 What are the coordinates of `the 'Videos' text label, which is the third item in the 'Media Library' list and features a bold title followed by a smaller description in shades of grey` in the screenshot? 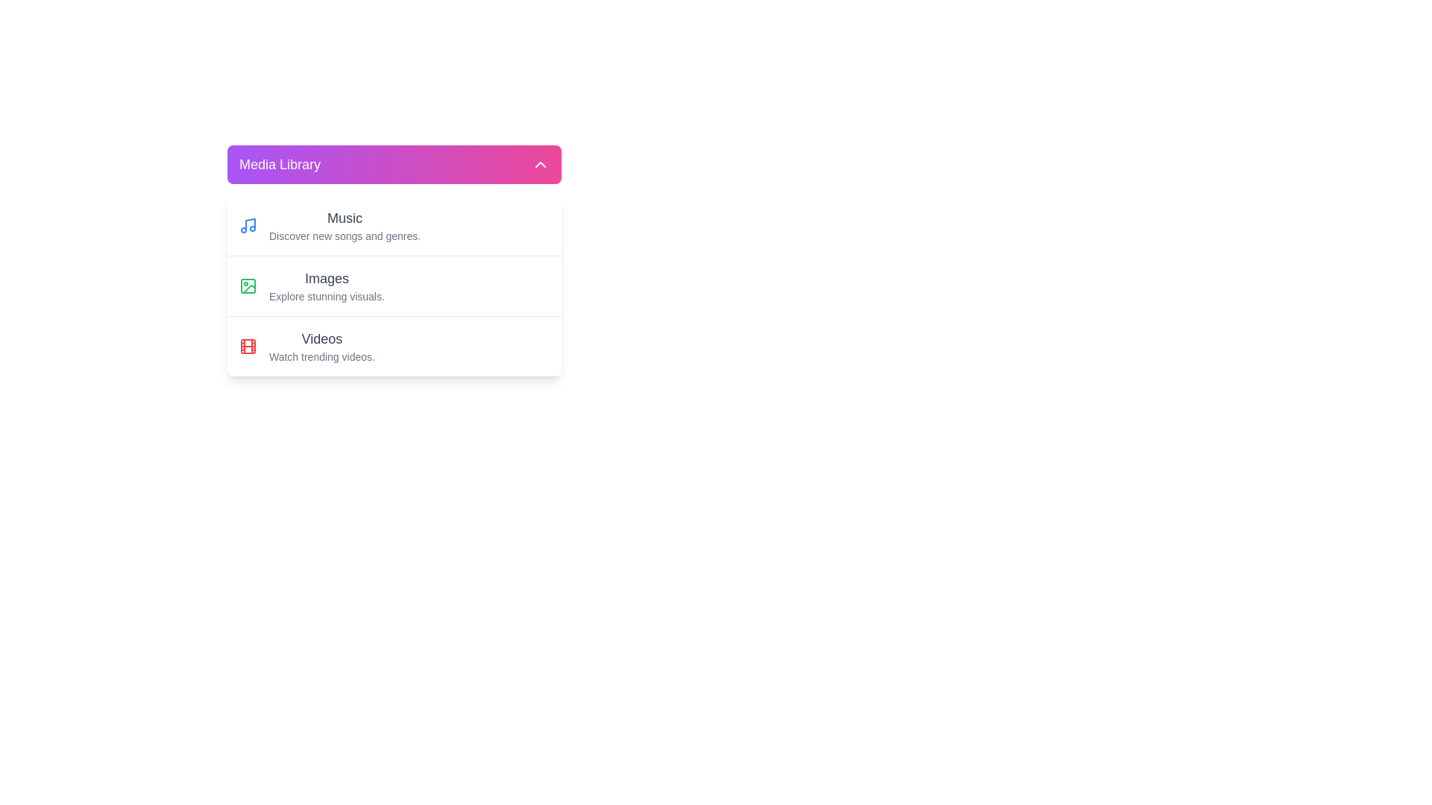 It's located at (321, 347).